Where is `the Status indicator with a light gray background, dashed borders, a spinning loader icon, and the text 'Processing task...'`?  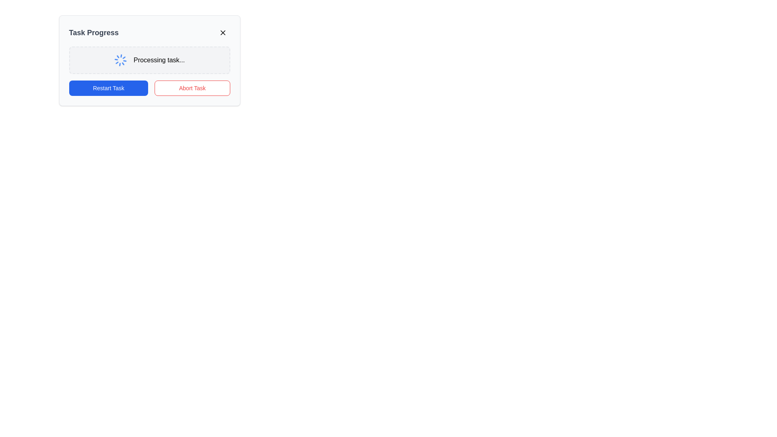 the Status indicator with a light gray background, dashed borders, a spinning loader icon, and the text 'Processing task...' is located at coordinates (149, 60).